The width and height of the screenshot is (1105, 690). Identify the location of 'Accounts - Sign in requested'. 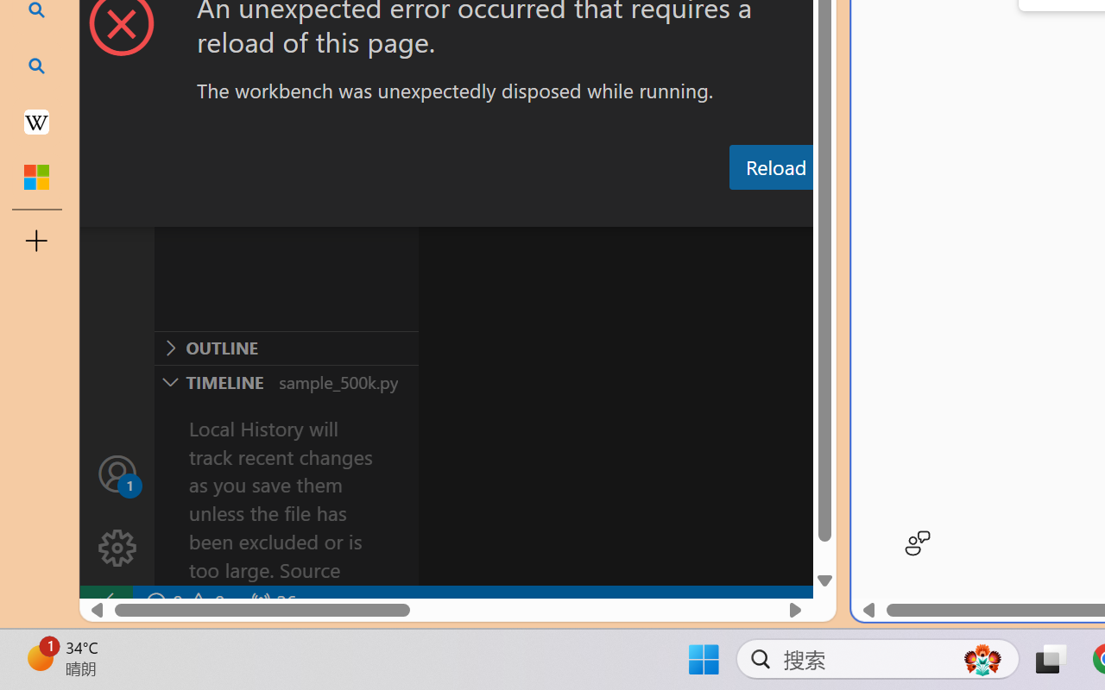
(116, 473).